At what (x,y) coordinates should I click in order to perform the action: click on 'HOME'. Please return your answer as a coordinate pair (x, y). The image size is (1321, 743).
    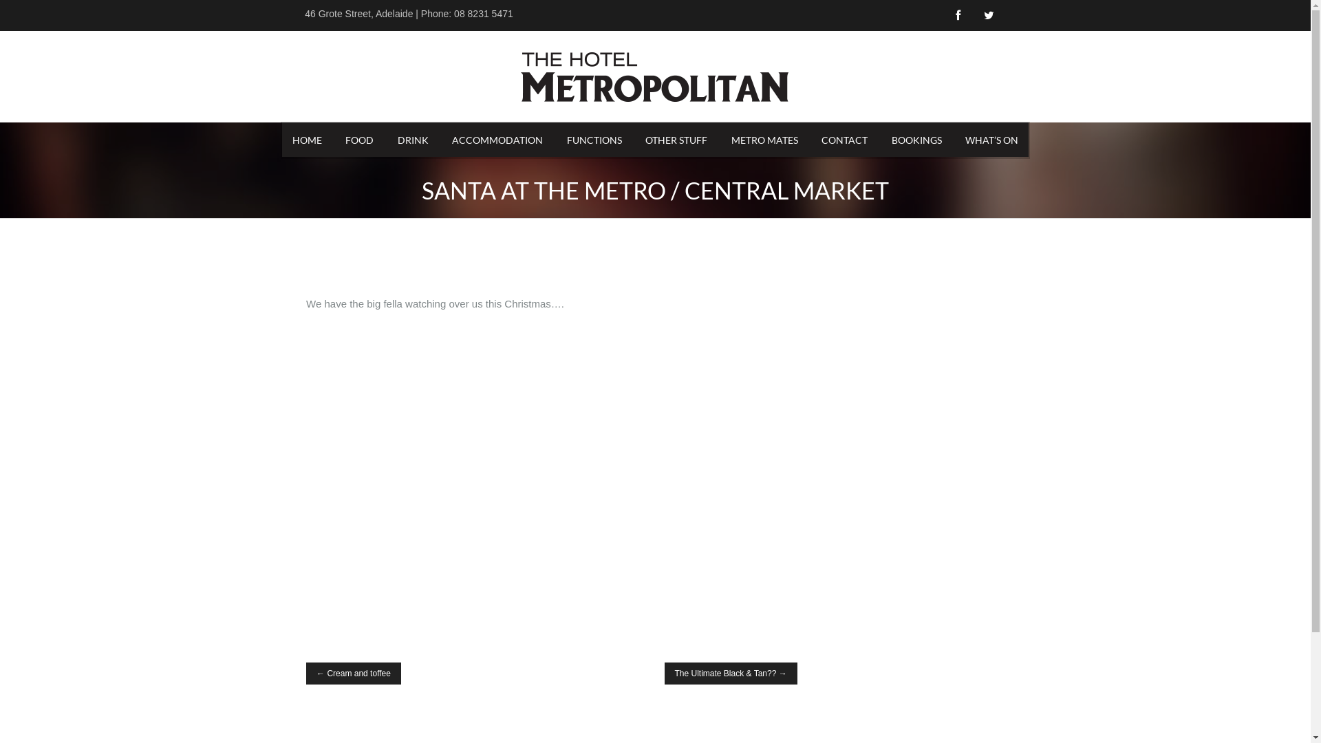
    Looking at the image, I should click on (306, 140).